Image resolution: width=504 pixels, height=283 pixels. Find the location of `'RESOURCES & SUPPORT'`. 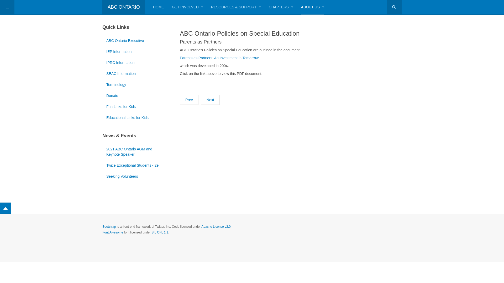

'RESOURCES & SUPPORT' is located at coordinates (211, 7).